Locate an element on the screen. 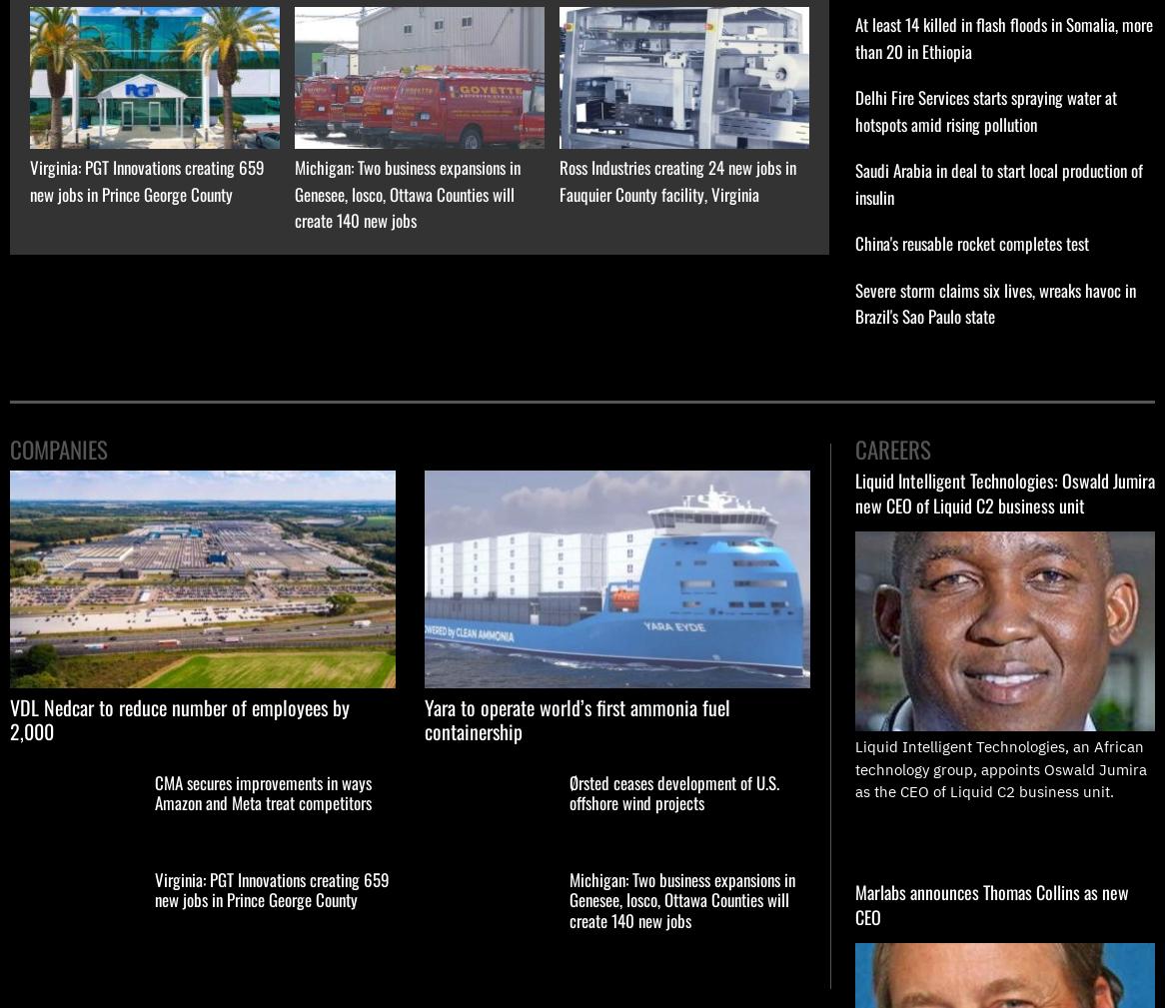 The width and height of the screenshot is (1165, 1008). 'Liquid Intelligent Technologies, an African technology group, appoints Oswald Jumira as the CEO of Liquid C2 business unit.' is located at coordinates (999, 768).